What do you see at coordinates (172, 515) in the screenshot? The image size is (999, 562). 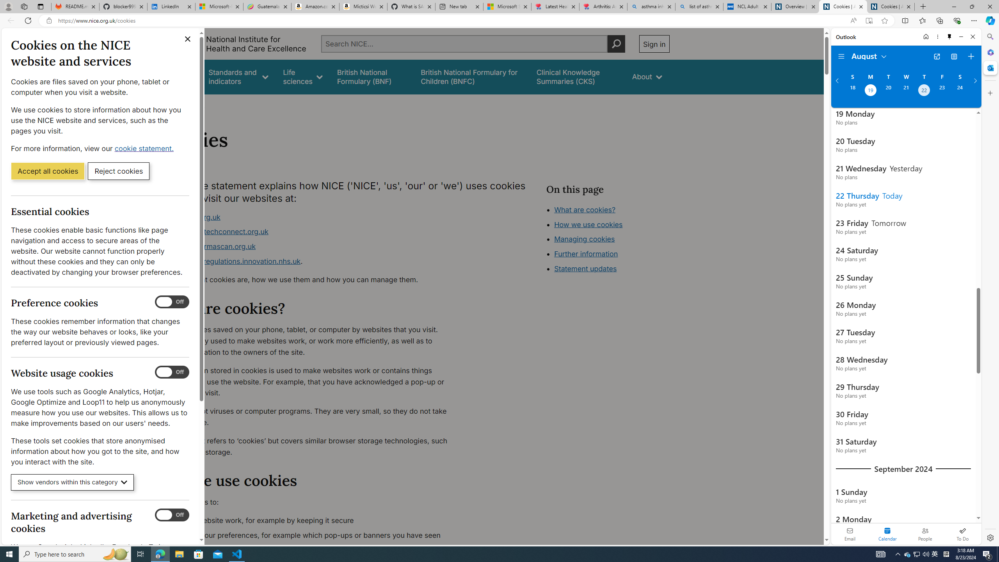 I see `'Marketing and advertising cookies'` at bounding box center [172, 515].